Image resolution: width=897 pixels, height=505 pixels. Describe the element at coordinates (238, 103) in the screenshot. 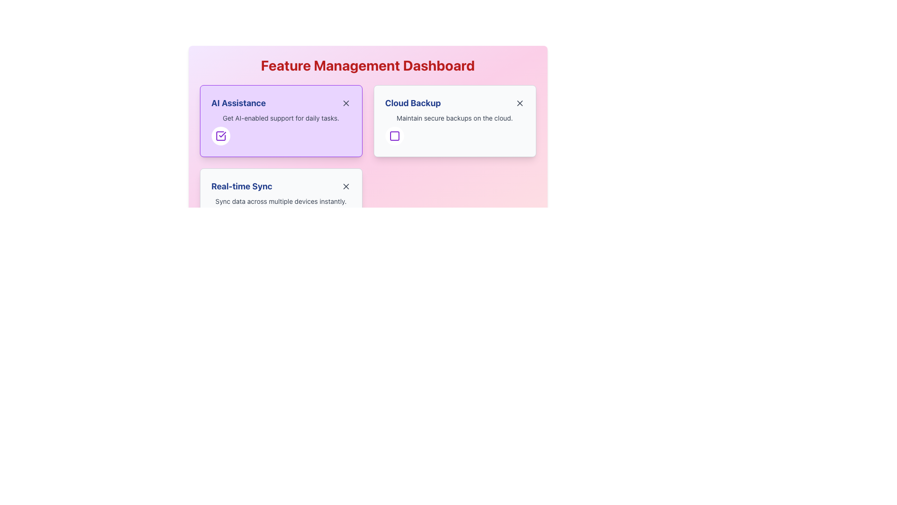

I see `the bold text label displaying 'AI Assistance', which is styled with a large font size and blue color, located prominently within a colored rectangular card in the top-left section of the grid layout` at that location.